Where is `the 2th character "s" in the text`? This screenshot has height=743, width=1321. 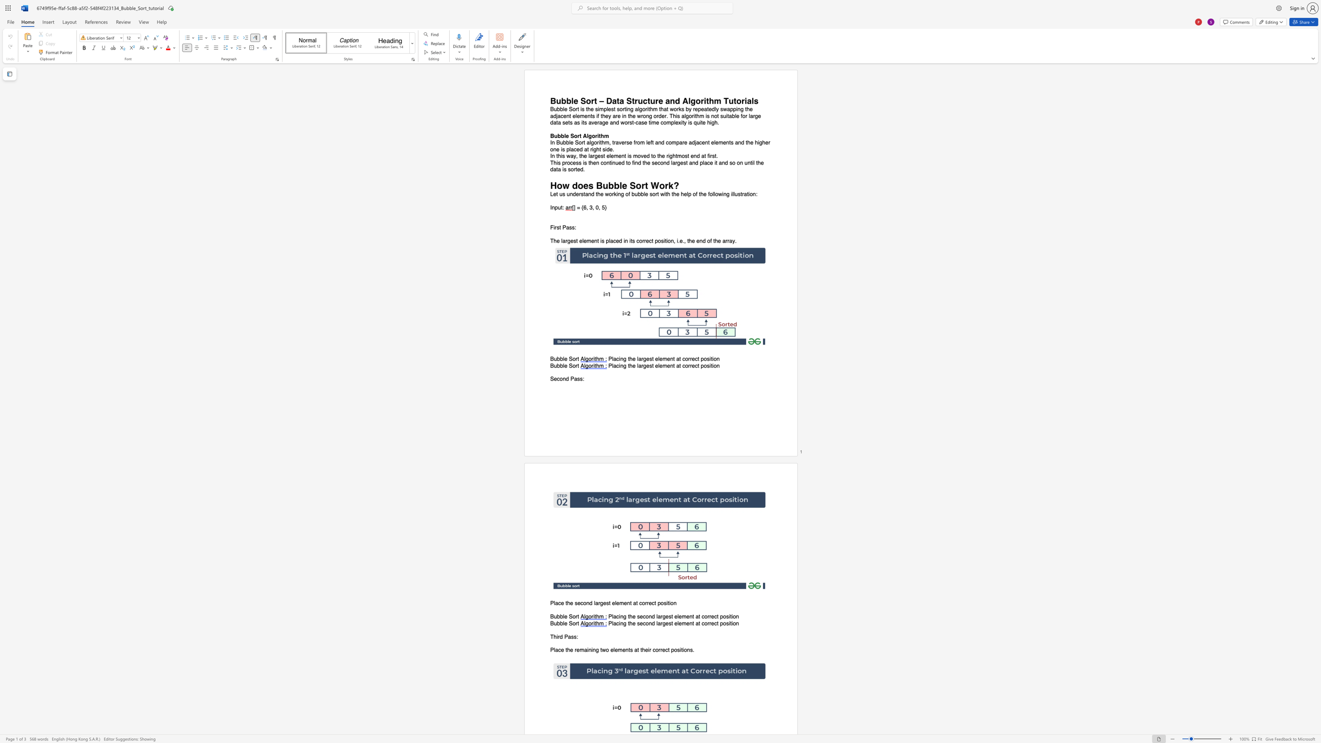
the 2th character "s" in the text is located at coordinates (607, 604).